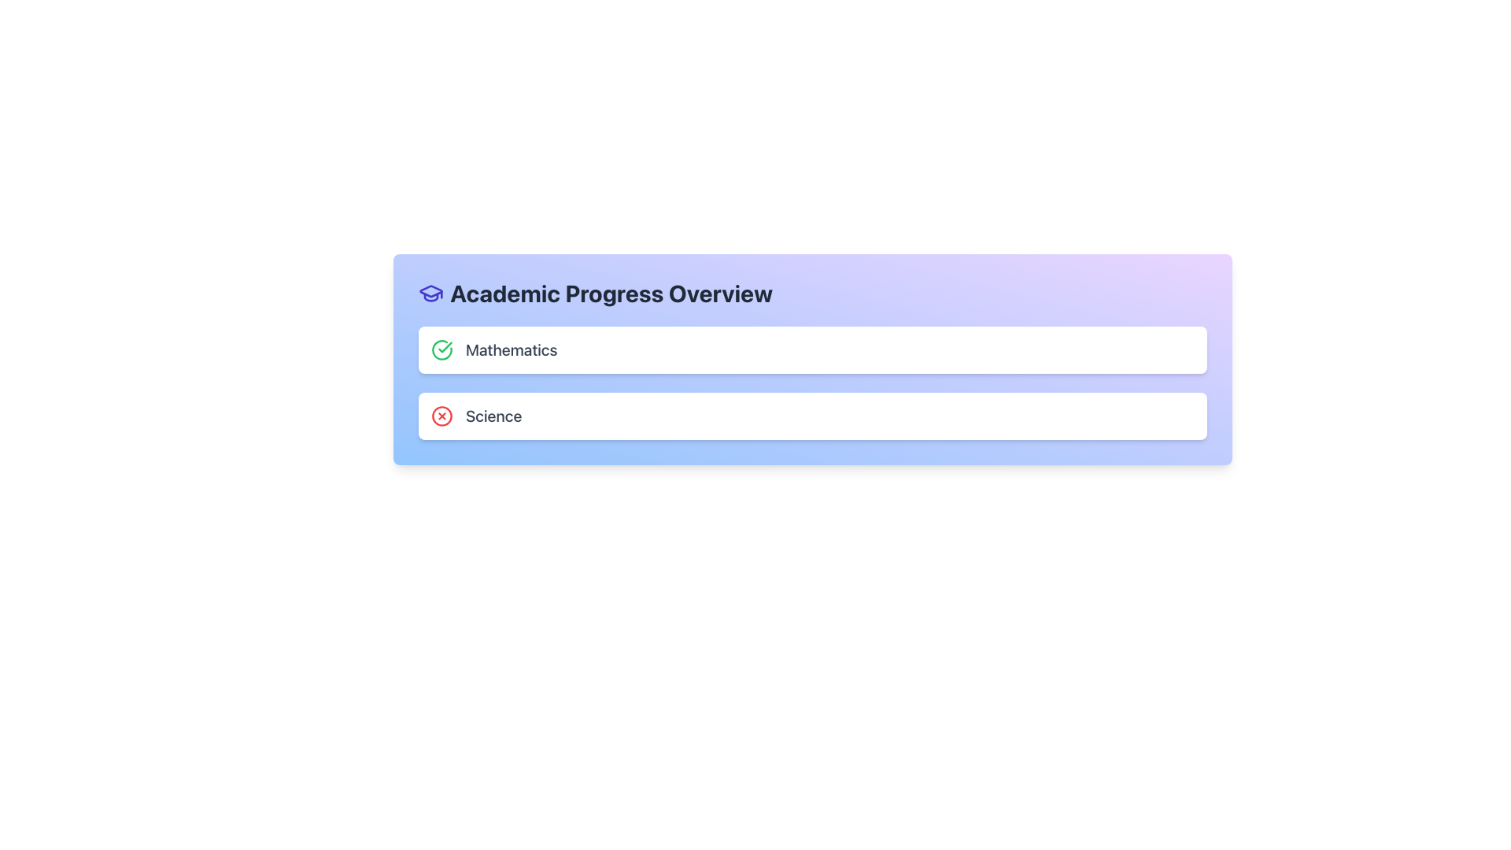 This screenshot has width=1511, height=850. I want to click on the 'Science' text label located in the second row of the 'Academic Progress Overview' card, which is styled with a medium-sized gray font on a gradient blue background, so click(493, 415).